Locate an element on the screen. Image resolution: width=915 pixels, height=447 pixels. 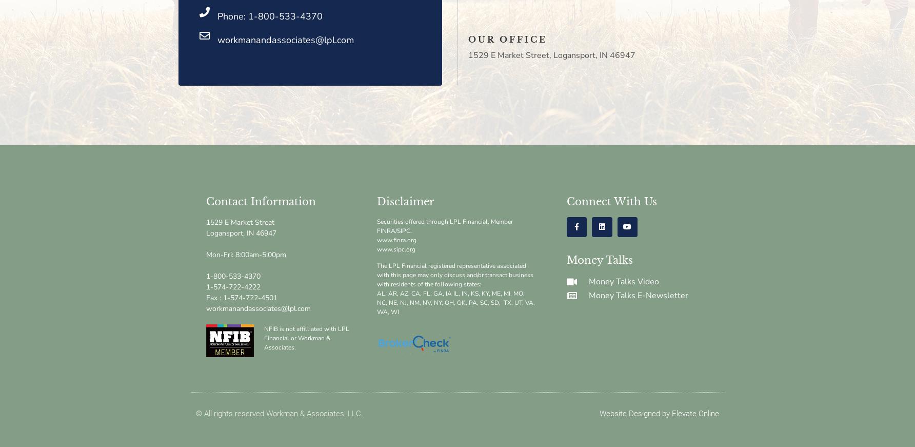
'www.sipc.org' is located at coordinates (395, 248).